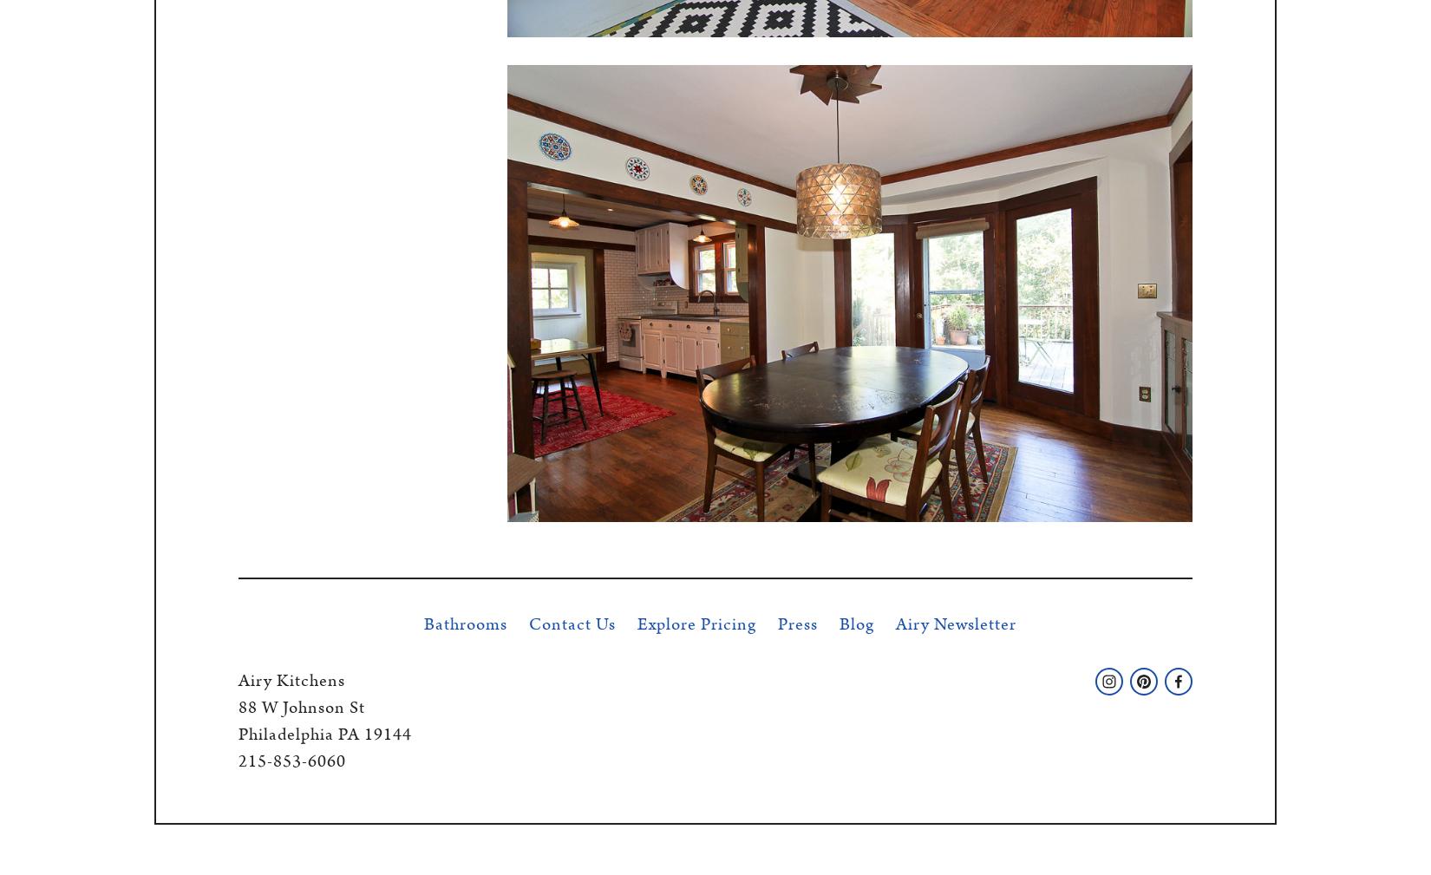 This screenshot has height=875, width=1431. Describe the element at coordinates (325, 734) in the screenshot. I see `'Philadelphia PA 19144'` at that location.